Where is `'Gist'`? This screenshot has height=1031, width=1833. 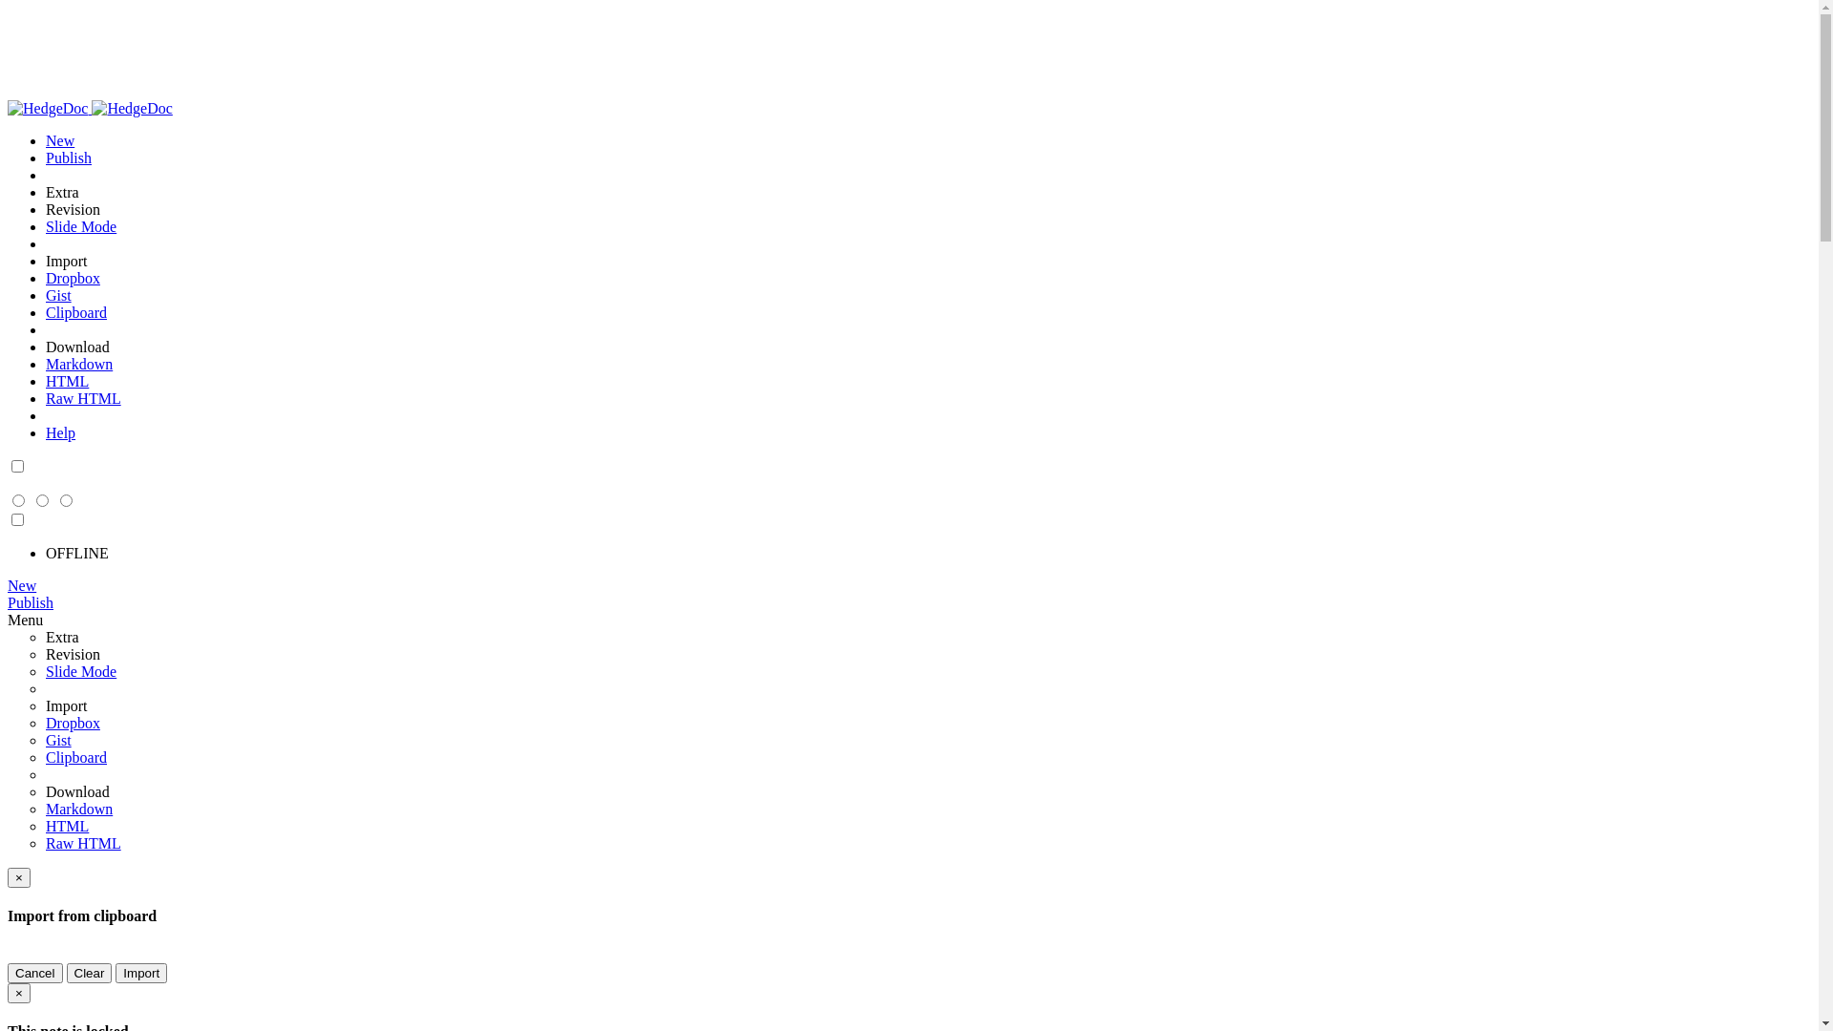
'Gist' is located at coordinates (58, 739).